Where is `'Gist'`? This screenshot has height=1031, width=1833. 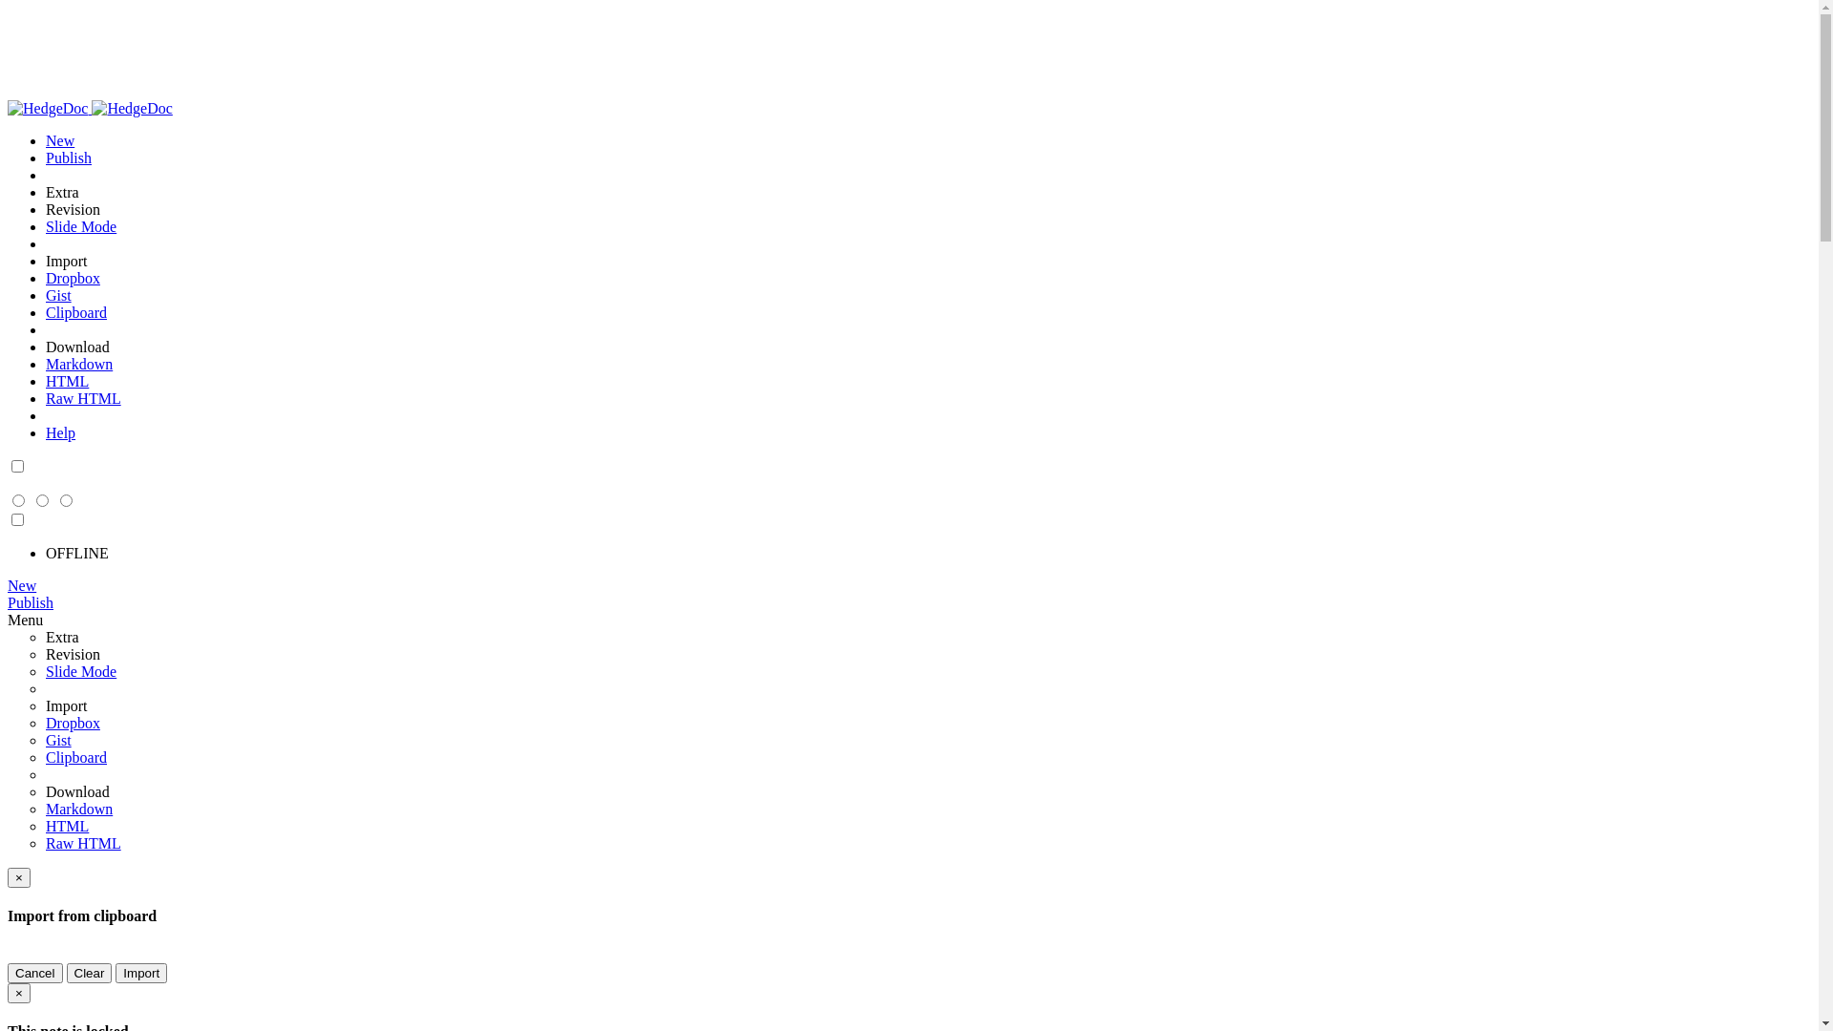
'Gist' is located at coordinates (58, 739).